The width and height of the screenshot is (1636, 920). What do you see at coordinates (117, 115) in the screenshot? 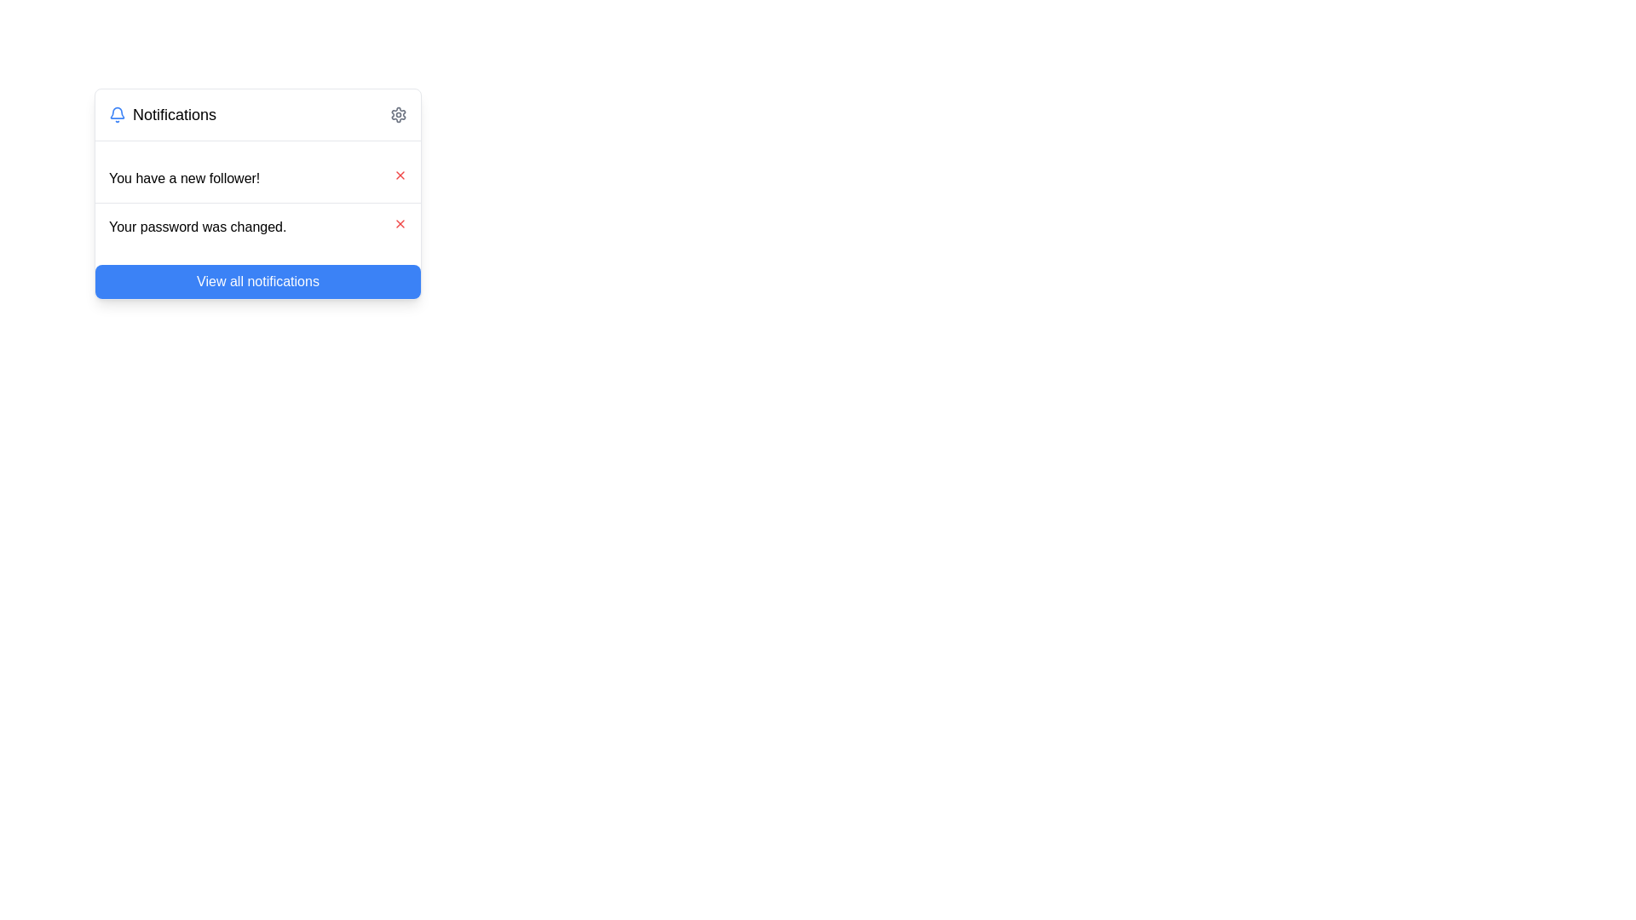
I see `the bell icon in the Notifications section by moving the cursor to its center` at bounding box center [117, 115].